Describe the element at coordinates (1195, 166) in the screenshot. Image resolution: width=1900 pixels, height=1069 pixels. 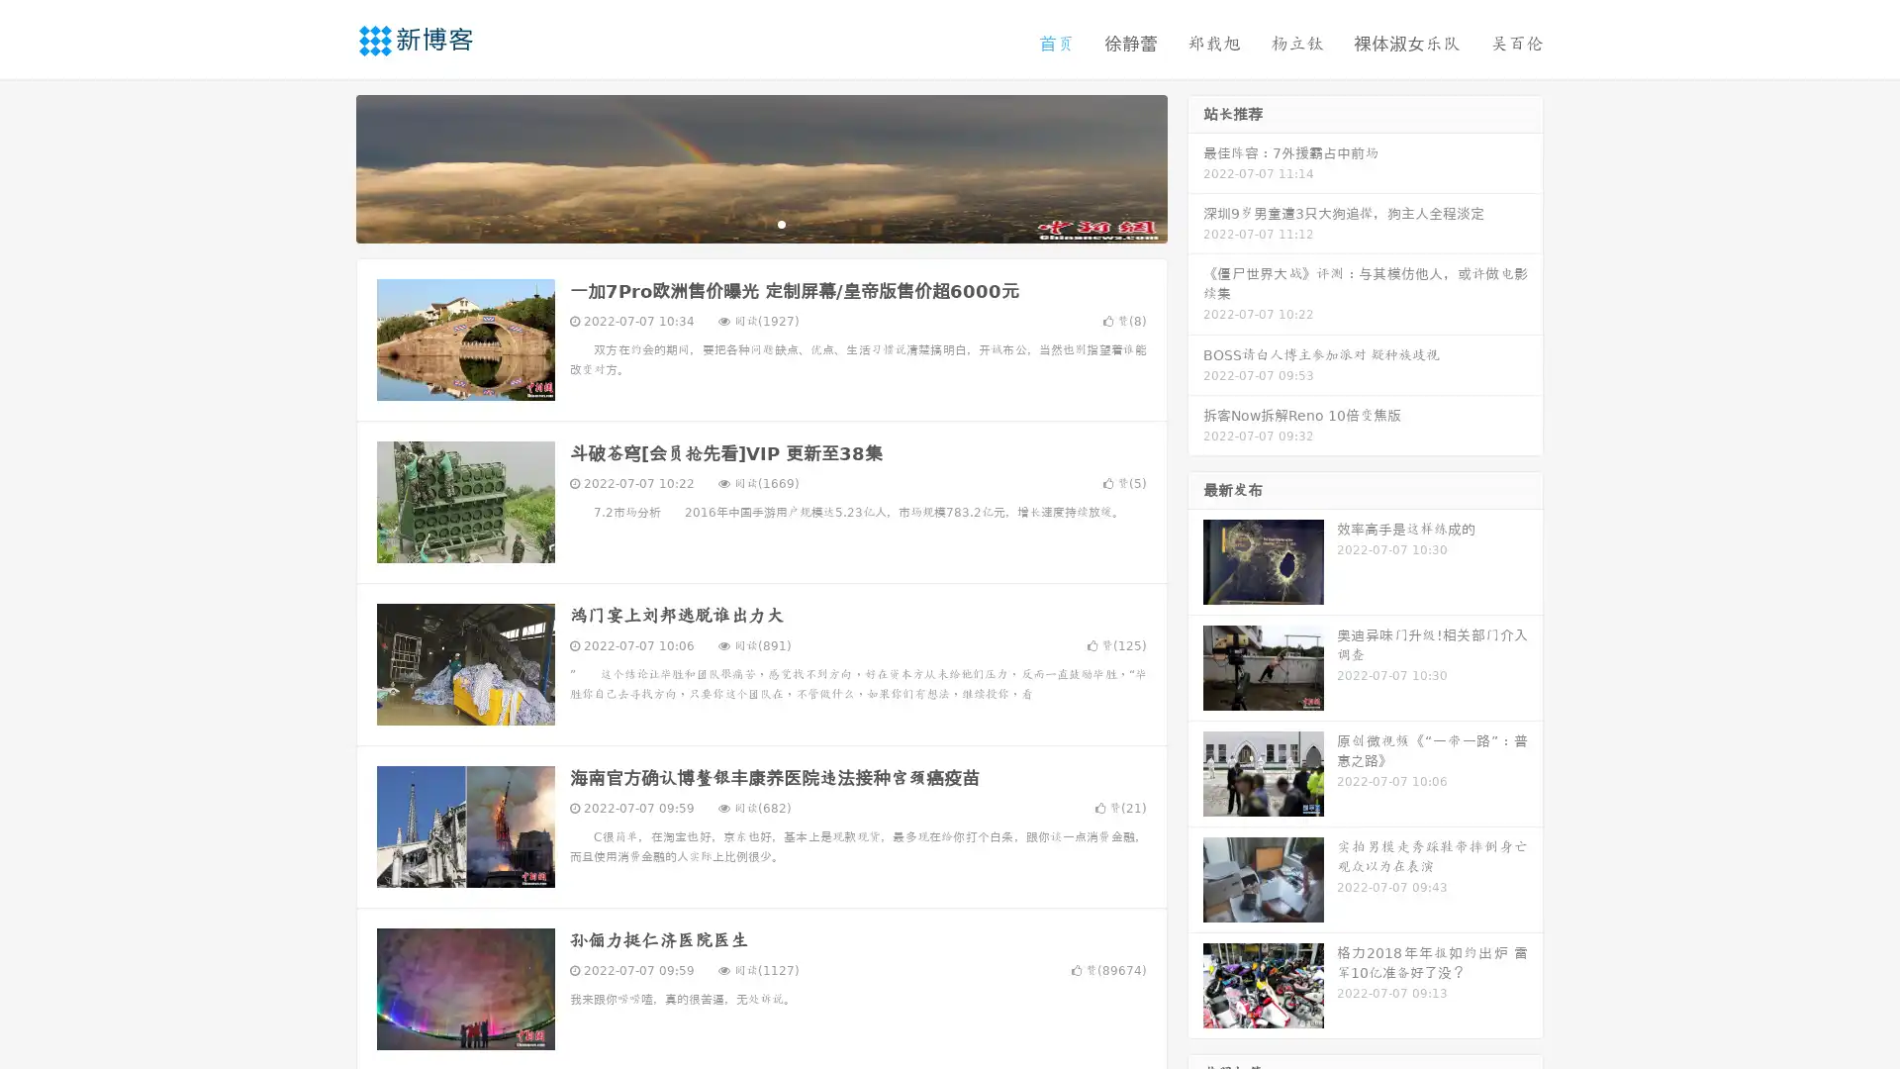
I see `Next slide` at that location.